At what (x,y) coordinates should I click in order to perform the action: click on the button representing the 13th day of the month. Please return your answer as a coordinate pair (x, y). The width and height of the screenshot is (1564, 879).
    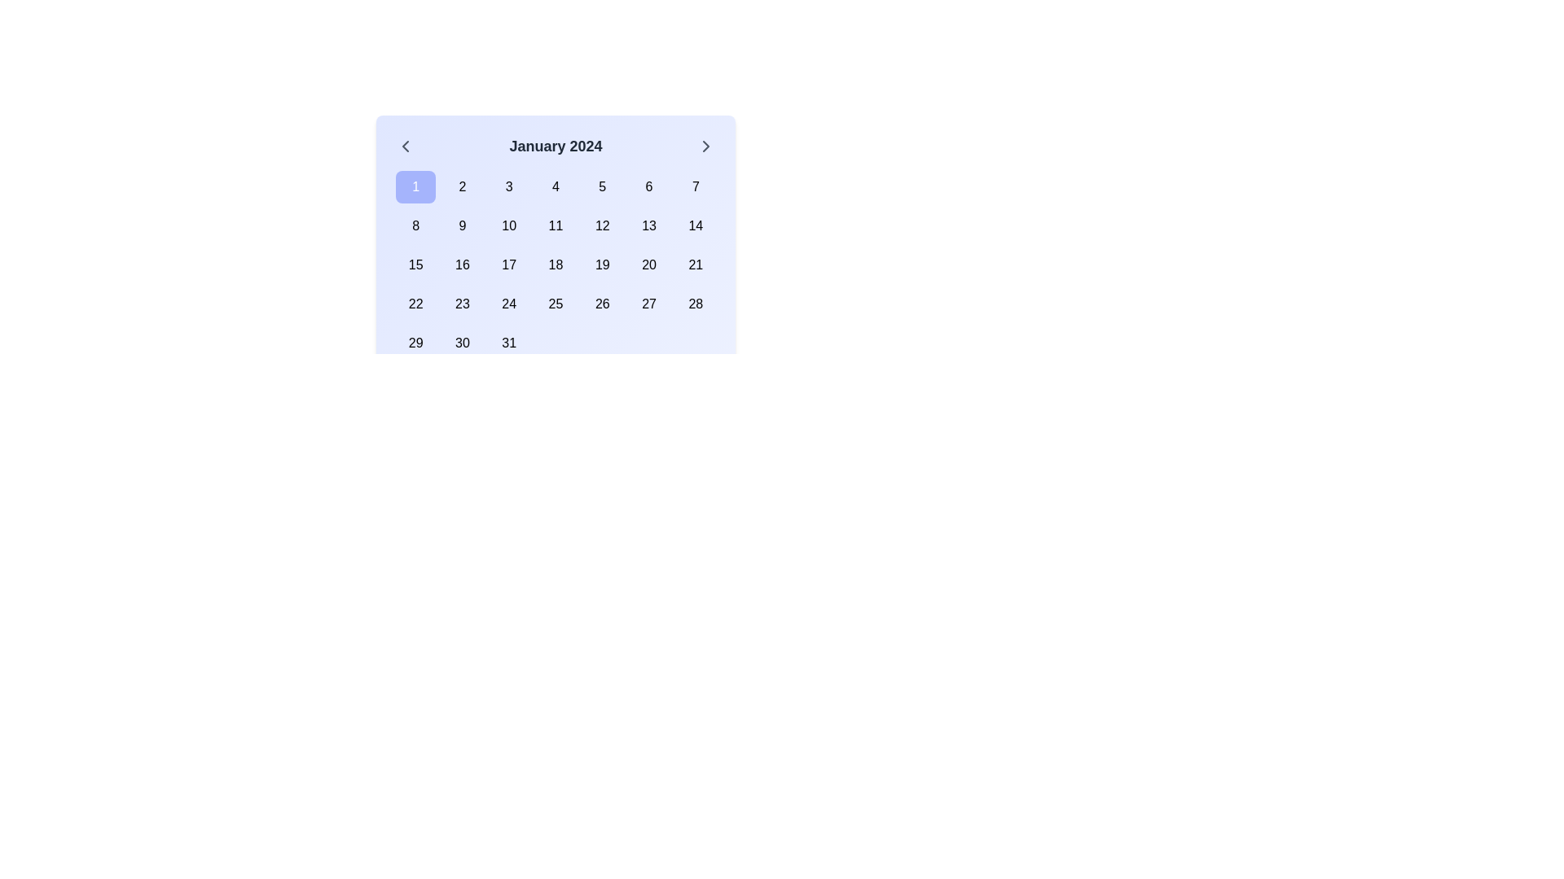
    Looking at the image, I should click on (648, 225).